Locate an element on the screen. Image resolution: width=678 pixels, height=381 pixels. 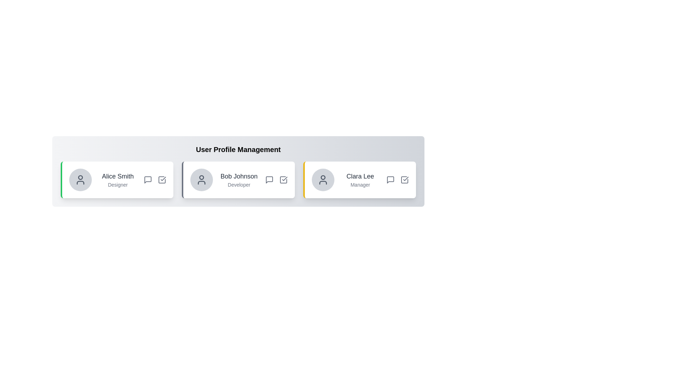
the Profile card containing 'Bob Johnson' and 'Developer', which is the second card in a horizontal layout of three cards is located at coordinates (238, 179).